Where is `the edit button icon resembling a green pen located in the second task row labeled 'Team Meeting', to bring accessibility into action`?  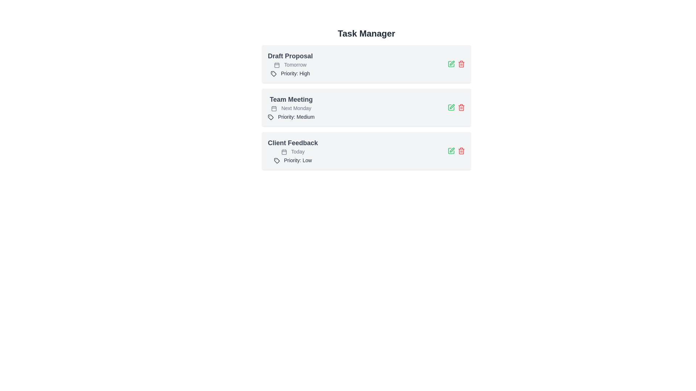
the edit button icon resembling a green pen located in the second task row labeled 'Team Meeting', to bring accessibility into action is located at coordinates (452, 106).